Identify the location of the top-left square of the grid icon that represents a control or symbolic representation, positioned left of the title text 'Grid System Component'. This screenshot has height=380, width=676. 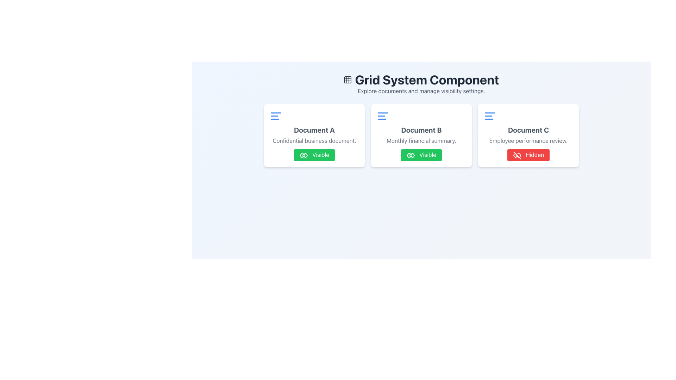
(348, 80).